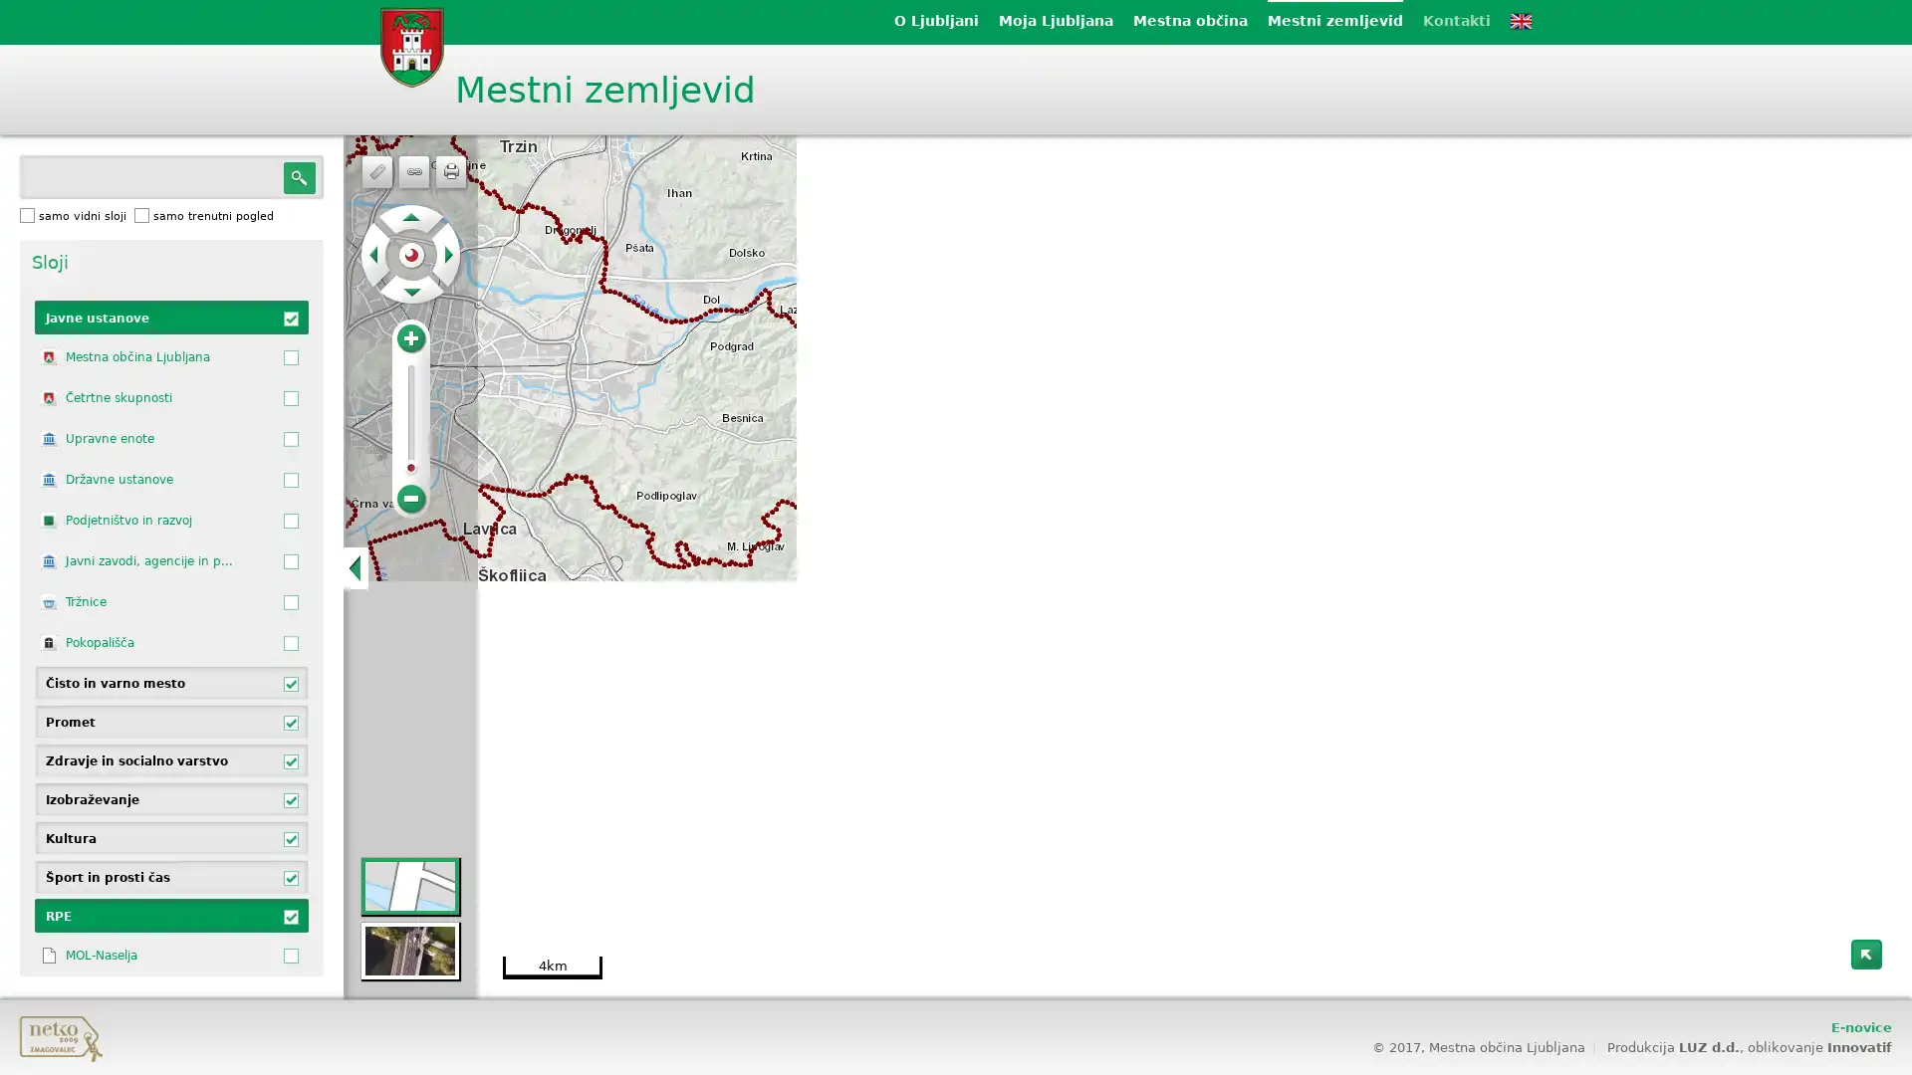  What do you see at coordinates (449, 170) in the screenshot?
I see `Tiskanje` at bounding box center [449, 170].